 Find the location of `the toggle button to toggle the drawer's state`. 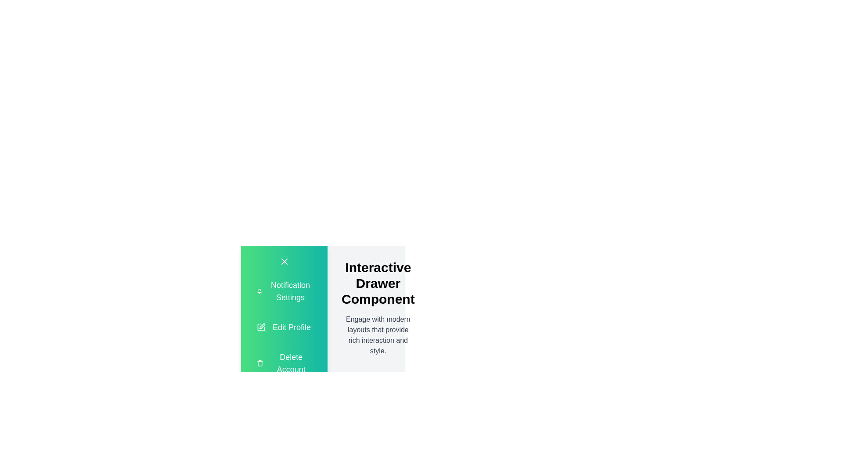

the toggle button to toggle the drawer's state is located at coordinates (284, 261).